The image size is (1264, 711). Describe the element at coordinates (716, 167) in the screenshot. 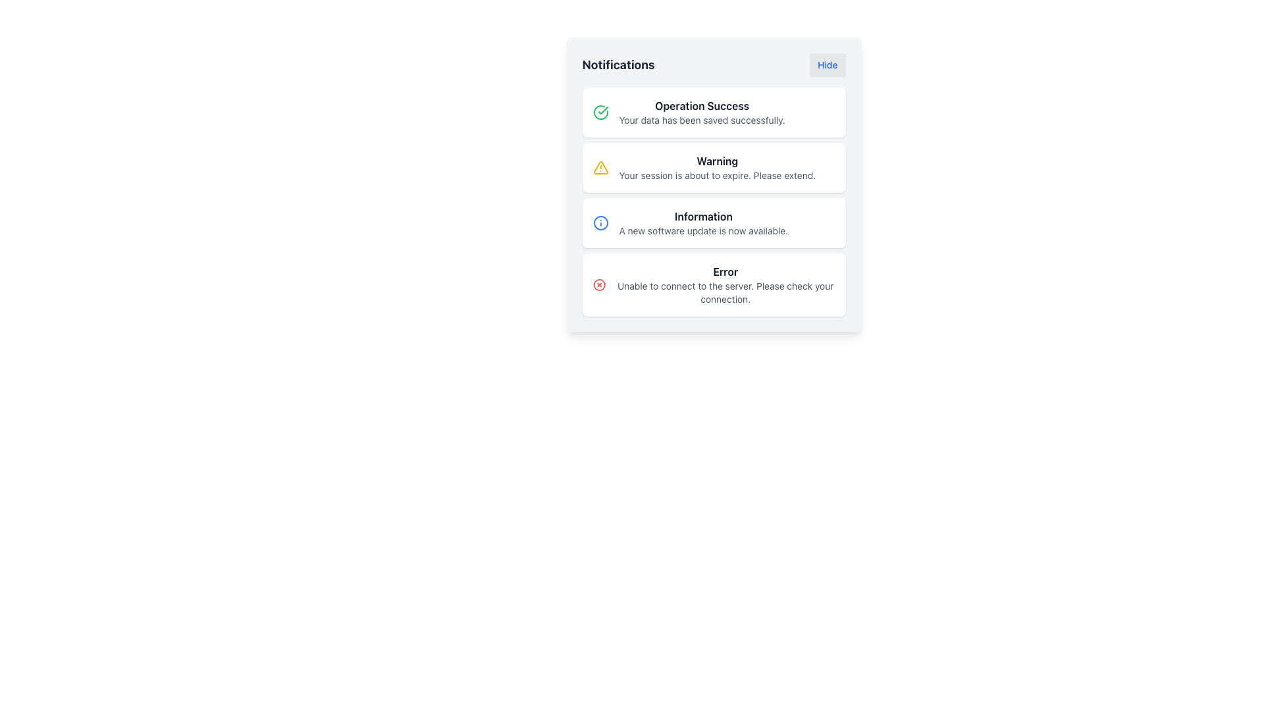

I see `the warning displayed in the second notification card below the 'Operation Success' card and above the 'Information' card` at that location.